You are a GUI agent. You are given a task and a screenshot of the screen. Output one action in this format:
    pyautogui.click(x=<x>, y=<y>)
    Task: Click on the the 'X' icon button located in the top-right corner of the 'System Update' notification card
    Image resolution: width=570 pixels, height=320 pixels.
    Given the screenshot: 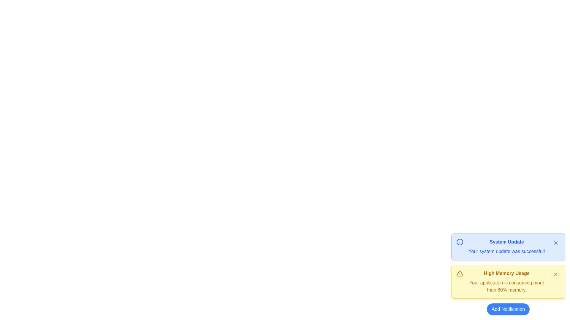 What is the action you would take?
    pyautogui.click(x=555, y=243)
    